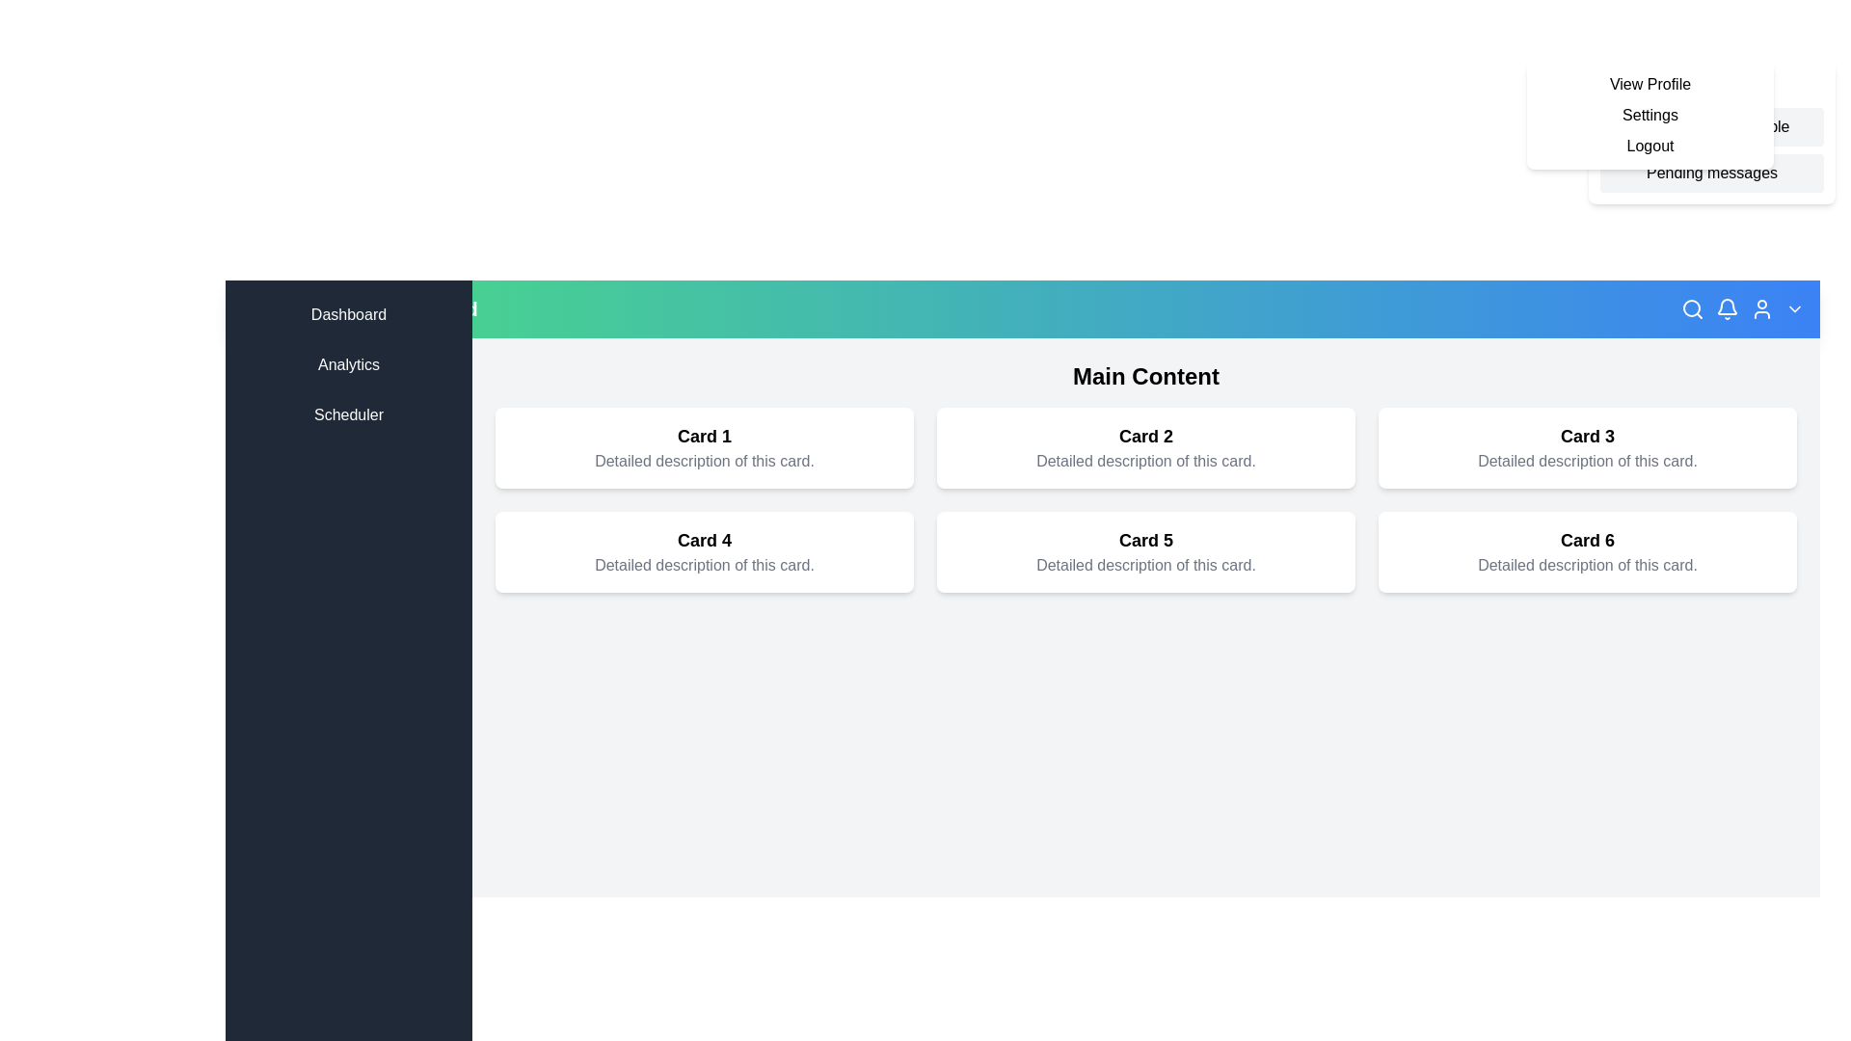  I want to click on the lower portion of the notification bell icon located in the top-right navigation bar of the application interface, so click(1727, 306).